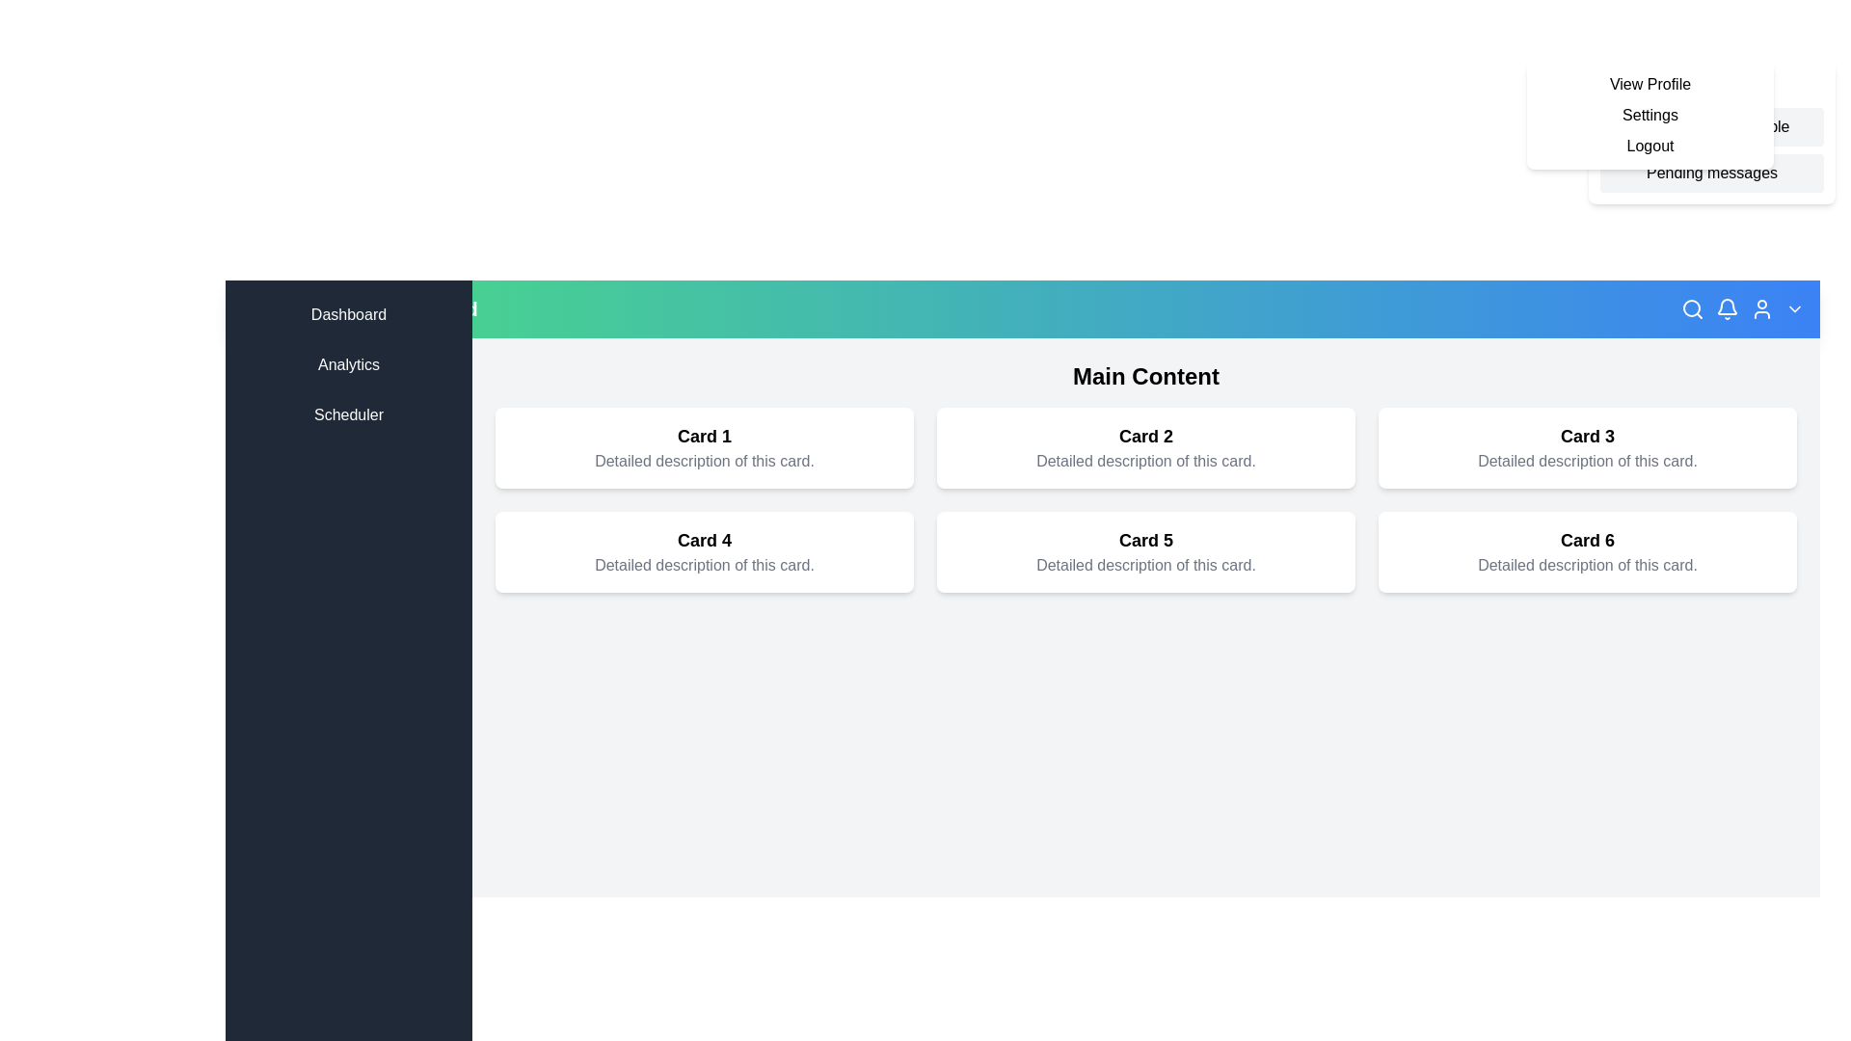  I want to click on the lower portion of the notification bell icon located in the top-right navigation bar of the application interface, so click(1727, 306).